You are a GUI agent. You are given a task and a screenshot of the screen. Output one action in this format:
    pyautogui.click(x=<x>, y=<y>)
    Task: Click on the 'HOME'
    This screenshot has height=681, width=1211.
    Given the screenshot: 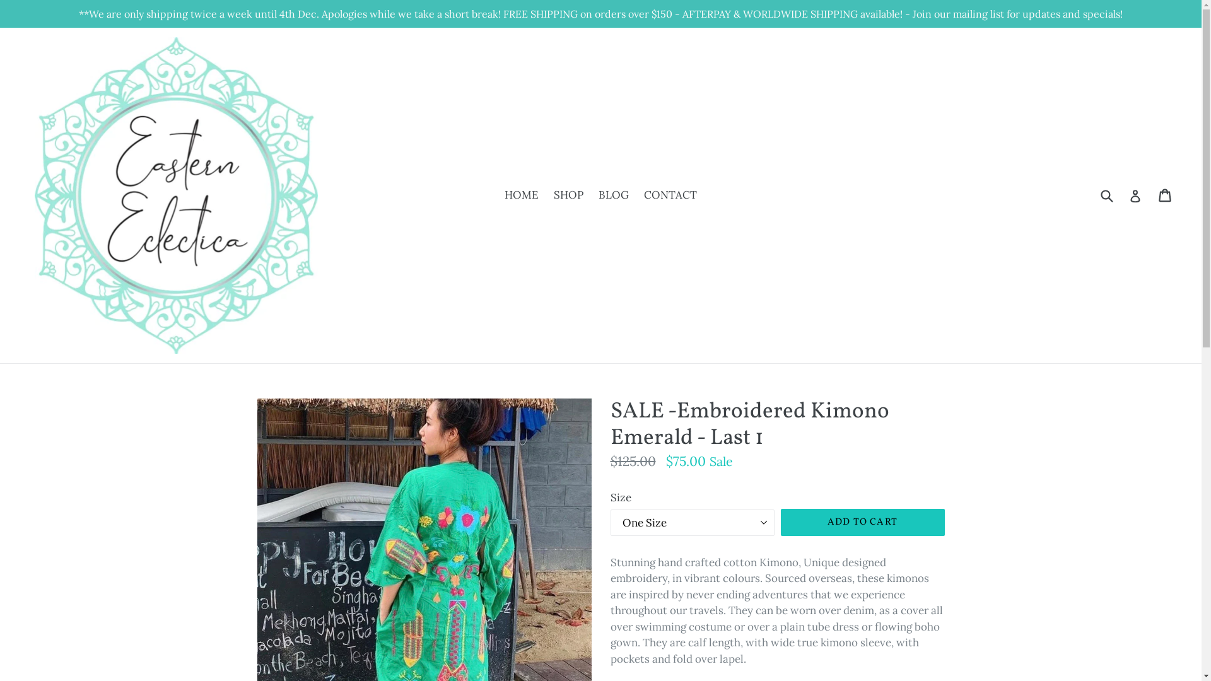 What is the action you would take?
    pyautogui.click(x=521, y=195)
    